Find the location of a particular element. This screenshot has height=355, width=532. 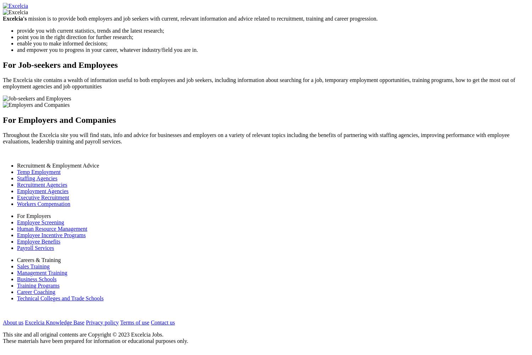

'point you in the right direction for further research;' is located at coordinates (74, 37).